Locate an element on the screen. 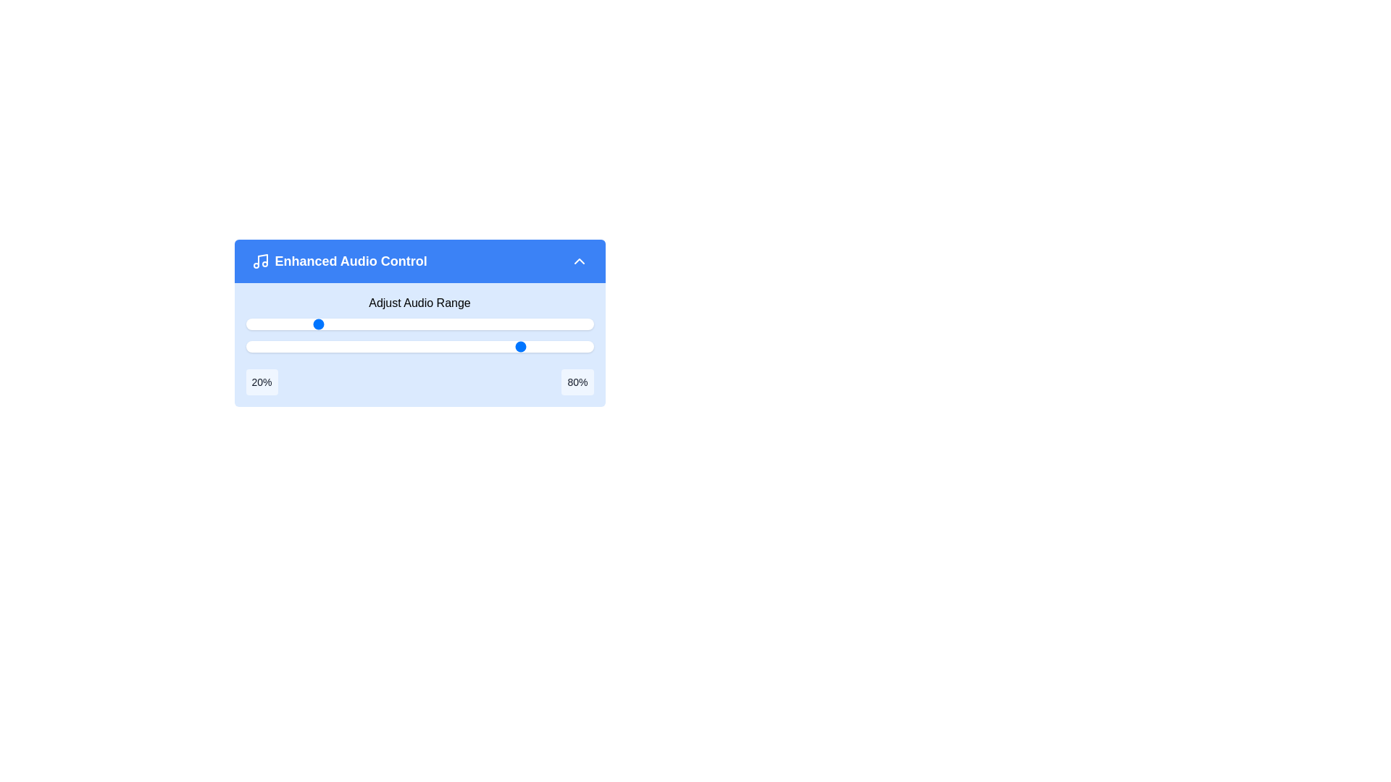  the slider is located at coordinates (440, 346).